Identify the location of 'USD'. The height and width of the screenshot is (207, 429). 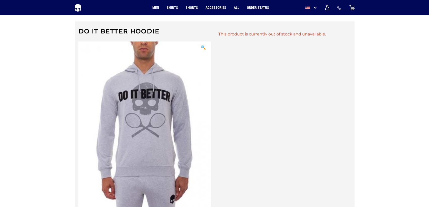
(316, 23).